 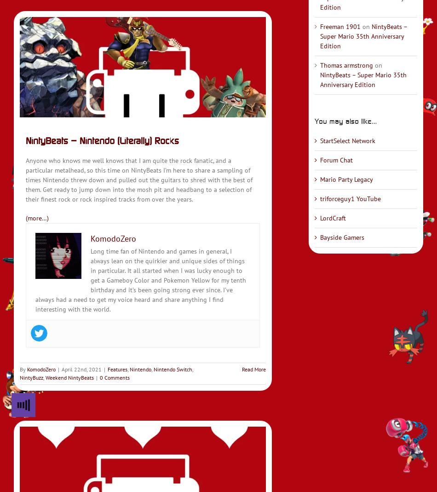 What do you see at coordinates (332, 217) in the screenshot?
I see `'LordCraft'` at bounding box center [332, 217].